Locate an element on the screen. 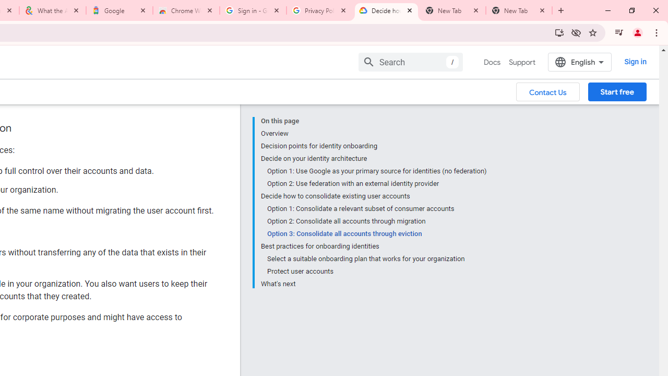  'Option 2: Use federation with an external identity provider' is located at coordinates (376, 183).